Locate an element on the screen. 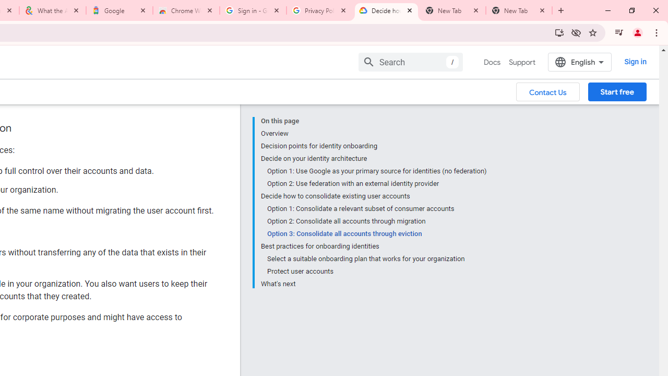  'Option 2: Use federation with an external identity provider' is located at coordinates (376, 183).